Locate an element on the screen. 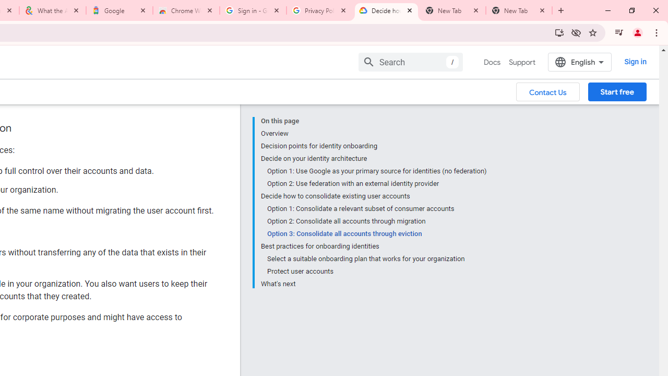  'Option 2: Use federation with an external identity provider' is located at coordinates (376, 183).